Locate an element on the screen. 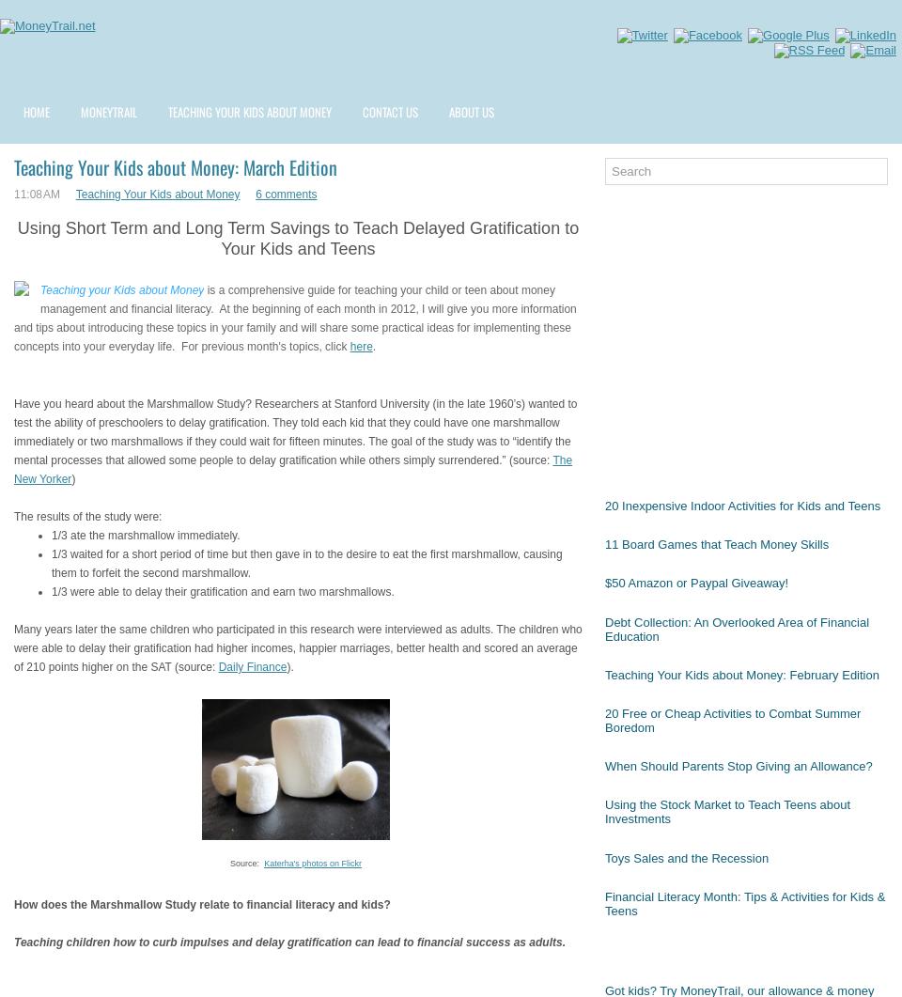 This screenshot has height=997, width=902. '11 Board Games that Teach Money Skills' is located at coordinates (716, 543).